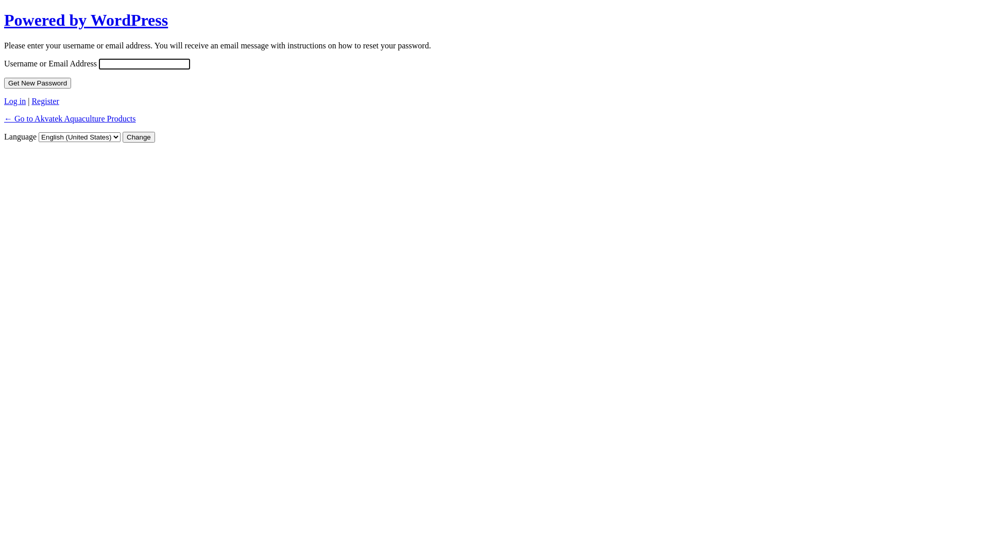  What do you see at coordinates (14, 101) in the screenshot?
I see `'Log in'` at bounding box center [14, 101].